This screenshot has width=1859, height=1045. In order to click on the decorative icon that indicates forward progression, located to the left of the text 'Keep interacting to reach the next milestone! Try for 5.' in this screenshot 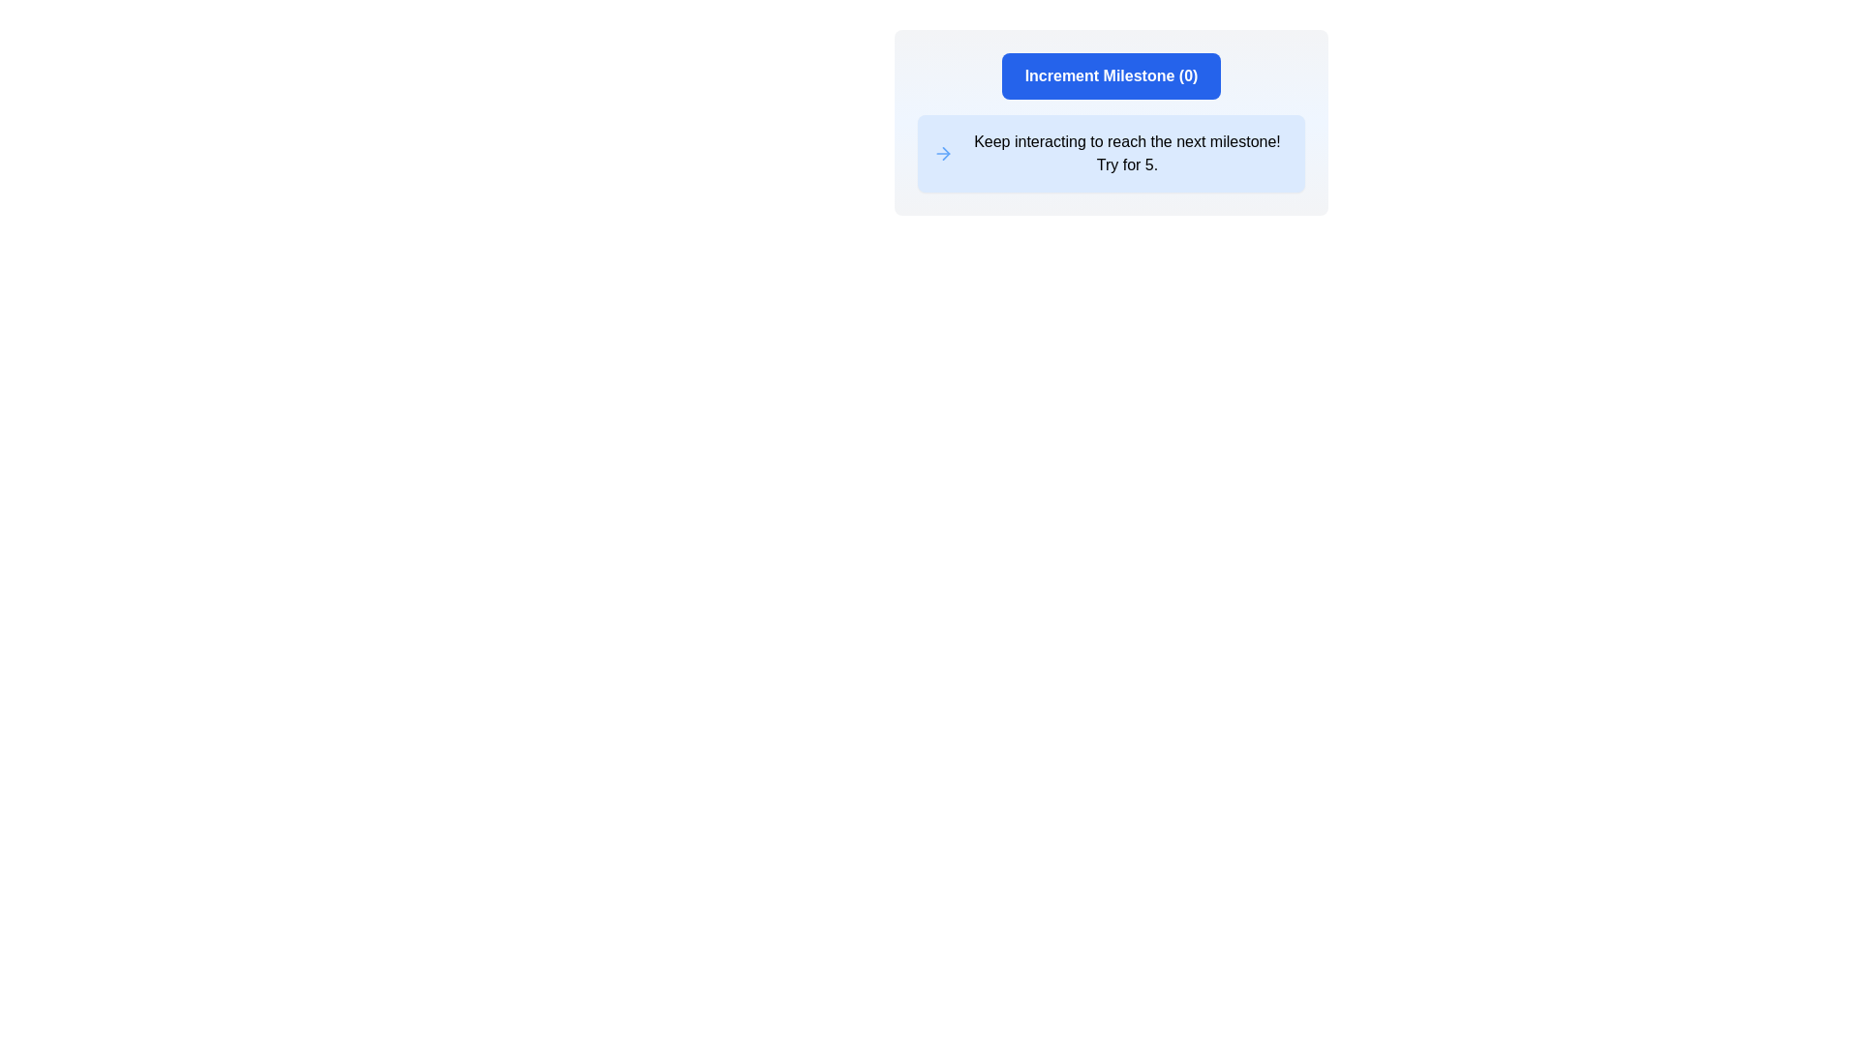, I will do `click(943, 152)`.